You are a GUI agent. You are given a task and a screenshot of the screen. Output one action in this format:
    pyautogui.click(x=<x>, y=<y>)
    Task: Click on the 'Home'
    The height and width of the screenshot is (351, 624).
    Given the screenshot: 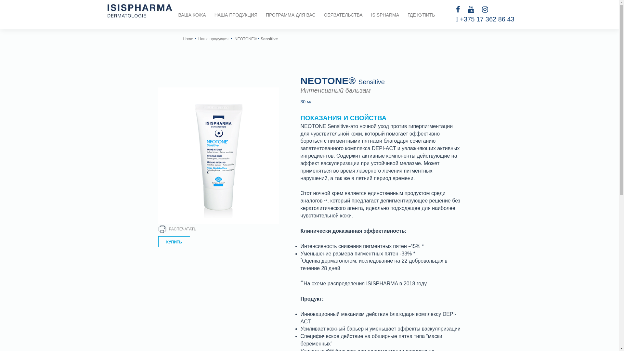 What is the action you would take?
    pyautogui.click(x=187, y=39)
    